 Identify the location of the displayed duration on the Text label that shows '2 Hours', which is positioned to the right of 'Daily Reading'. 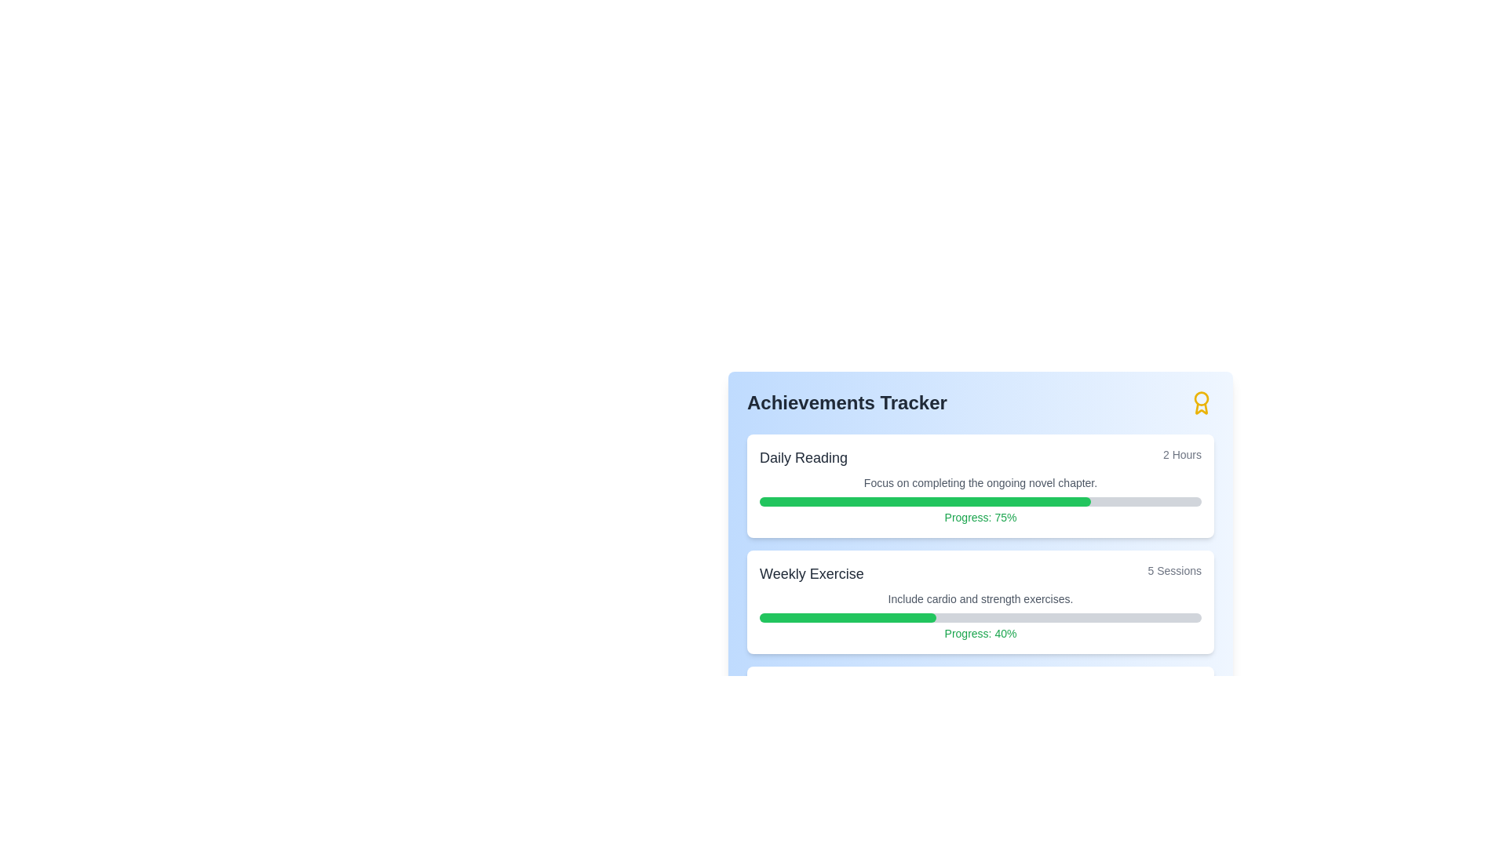
(1182, 457).